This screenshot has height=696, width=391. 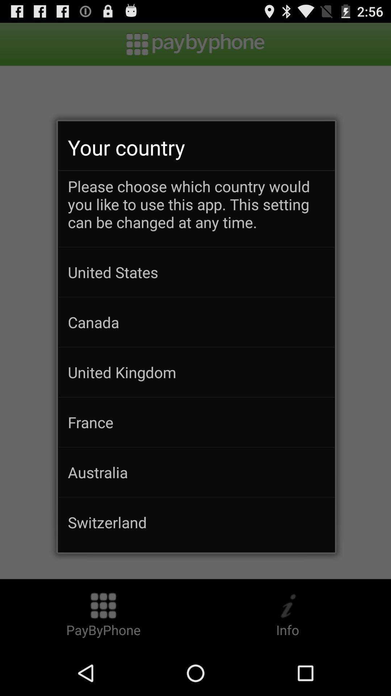 What do you see at coordinates (196, 372) in the screenshot?
I see `united kingdom icon` at bounding box center [196, 372].